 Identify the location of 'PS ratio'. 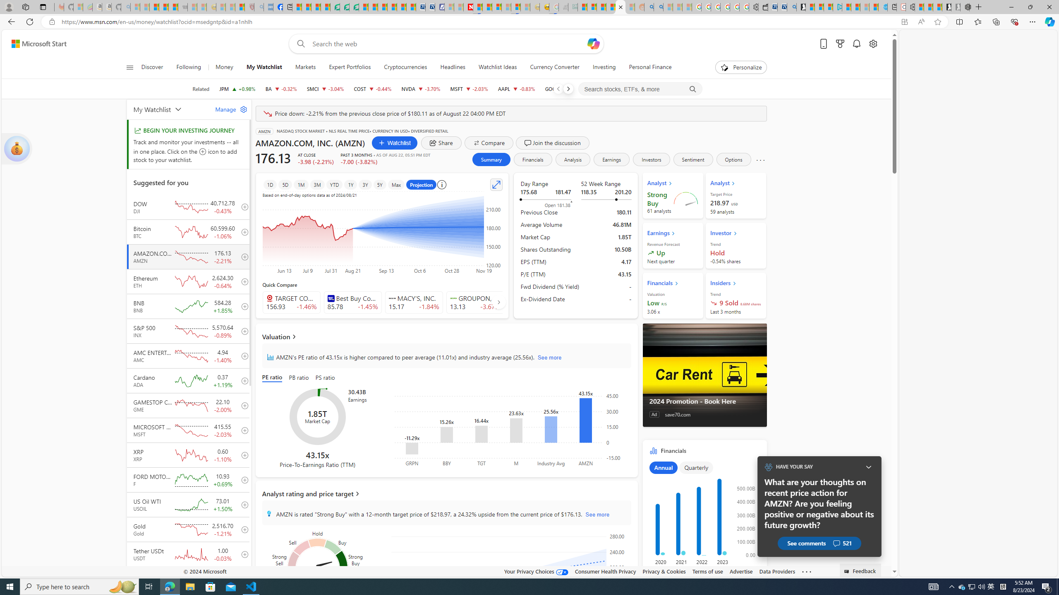
(325, 378).